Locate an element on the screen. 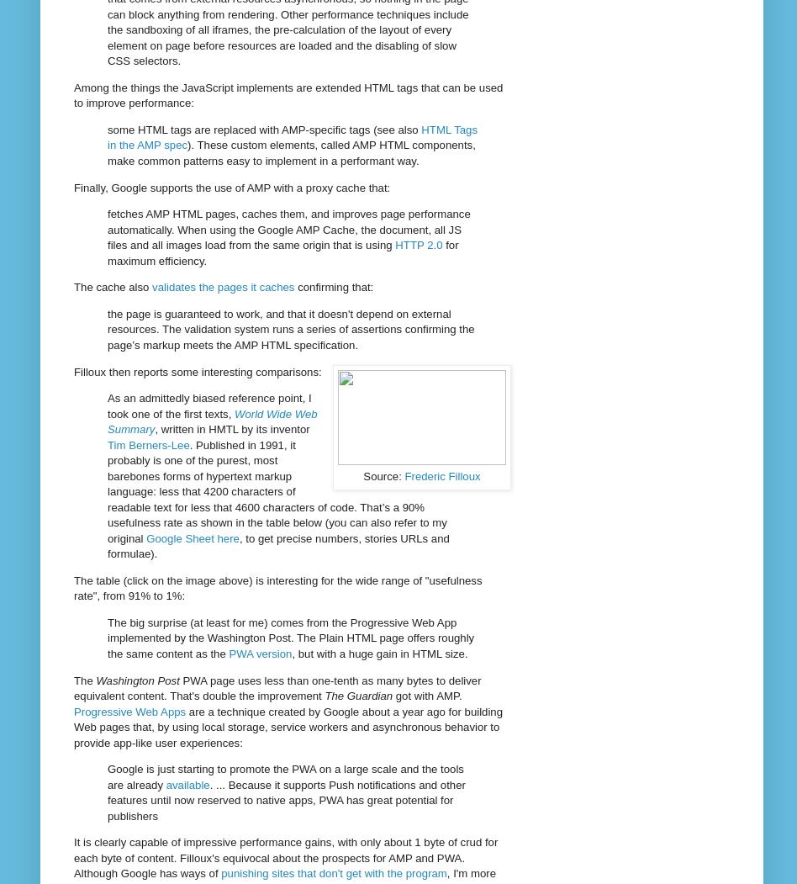 The height and width of the screenshot is (884, 797). 'Source:' is located at coordinates (383, 476).